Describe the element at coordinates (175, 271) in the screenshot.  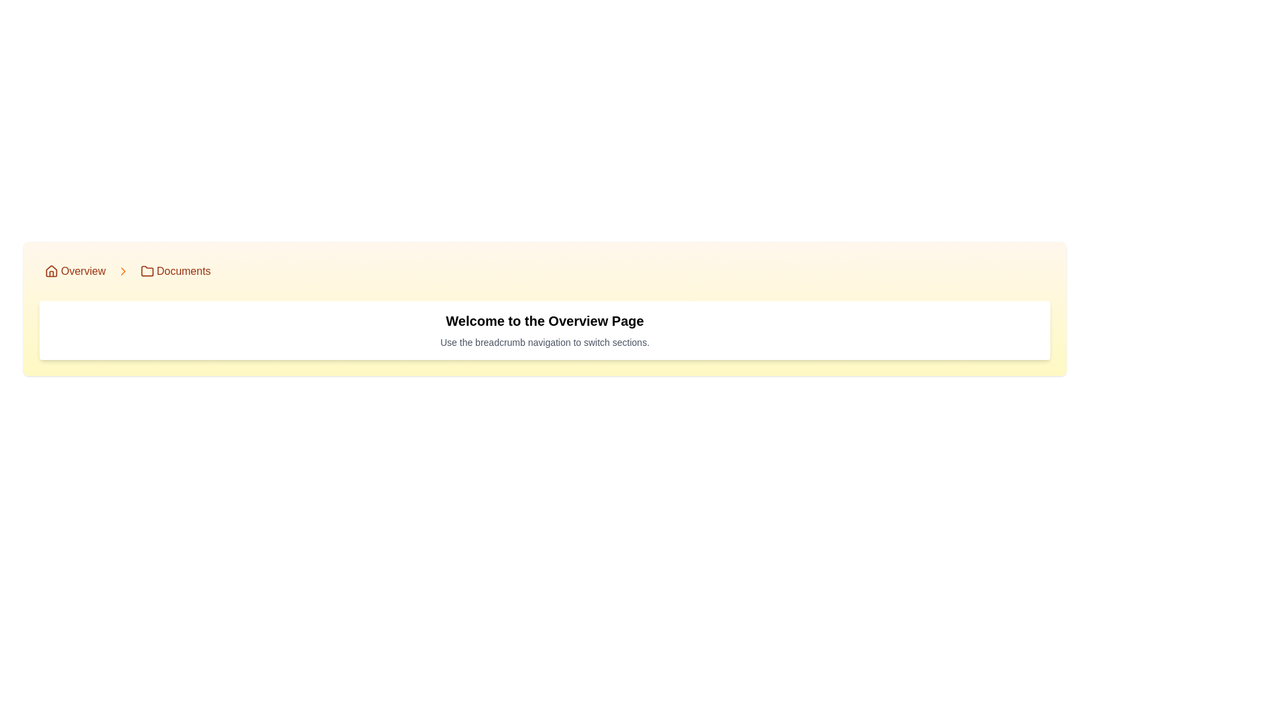
I see `the breadcrumb navigation button labeled 'Documents' which features a folder icon and is located next to the 'Overview' button` at that location.